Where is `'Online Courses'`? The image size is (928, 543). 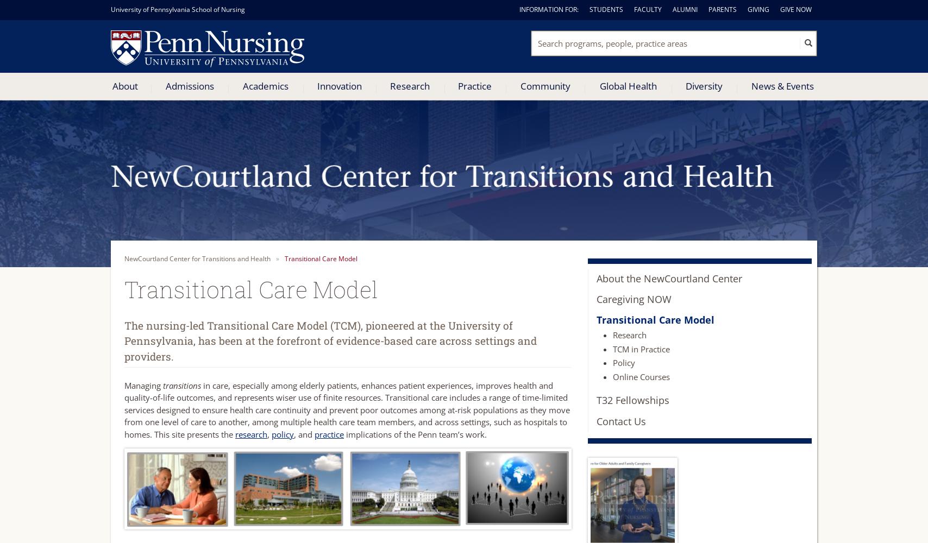
'Online Courses' is located at coordinates (641, 376).